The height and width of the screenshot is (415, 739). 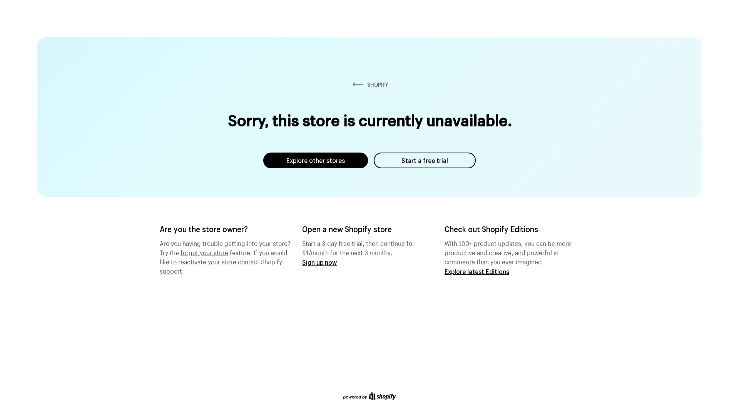 What do you see at coordinates (445, 271) in the screenshot?
I see `'Explore latest Editions'` at bounding box center [445, 271].